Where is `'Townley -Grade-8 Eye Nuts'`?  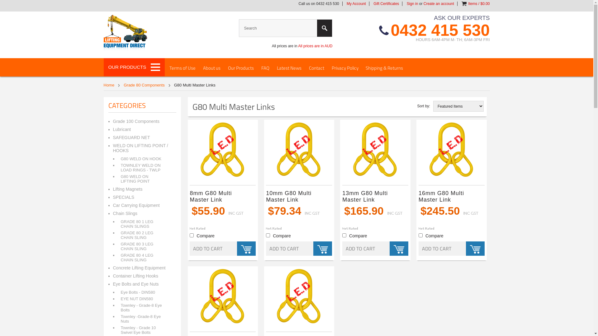 'Townley -Grade-8 Eye Nuts' is located at coordinates (142, 319).